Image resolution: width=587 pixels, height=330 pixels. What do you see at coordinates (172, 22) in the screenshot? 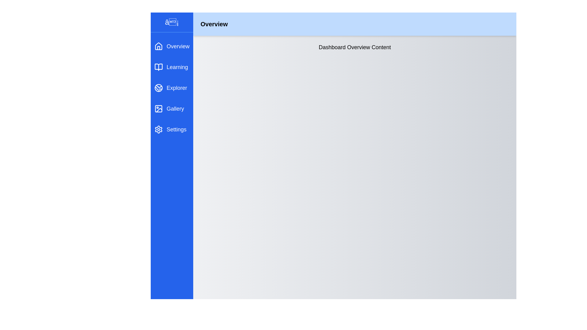
I see `the button with the large font symbol resembling 'â', '≡', and 'i' located in the vertical blue sidebar at the top, which is the first interactive component above the menu items` at bounding box center [172, 22].